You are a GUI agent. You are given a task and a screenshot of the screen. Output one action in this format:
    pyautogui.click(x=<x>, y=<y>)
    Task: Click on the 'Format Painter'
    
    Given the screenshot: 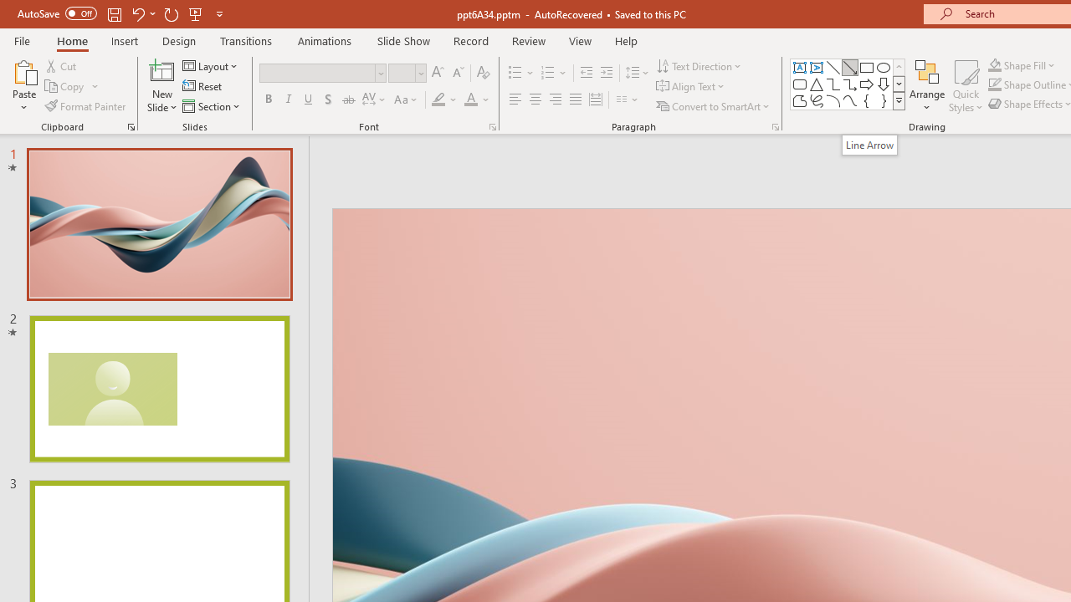 What is the action you would take?
    pyautogui.click(x=85, y=106)
    